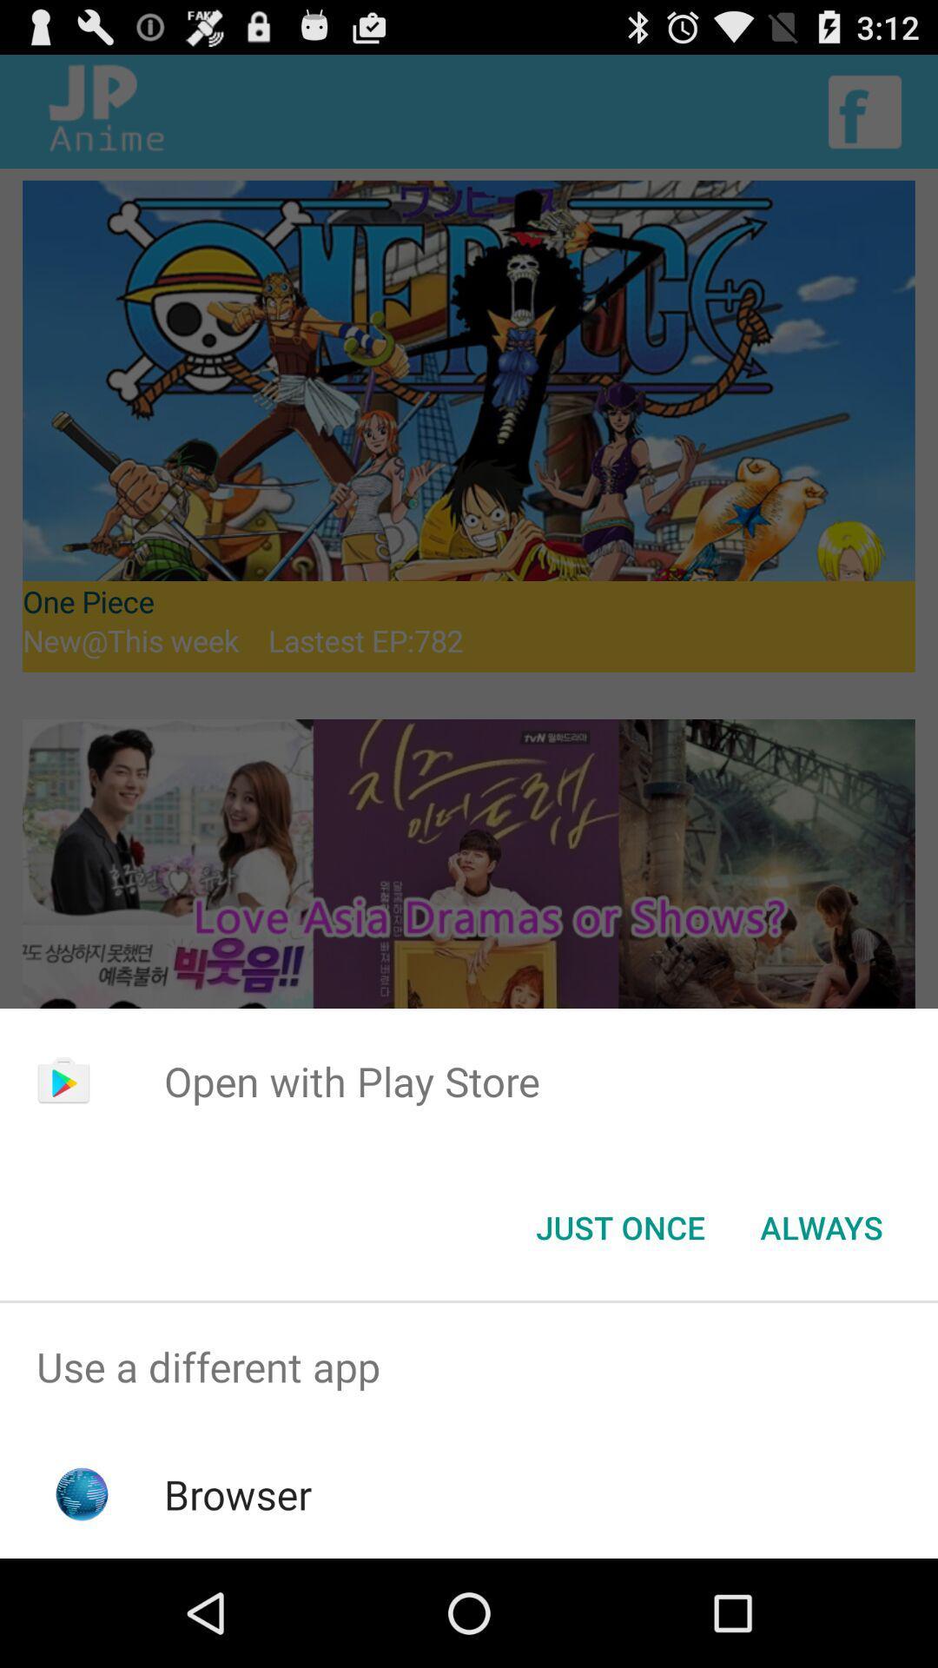  I want to click on always at the bottom right corner, so click(821, 1226).